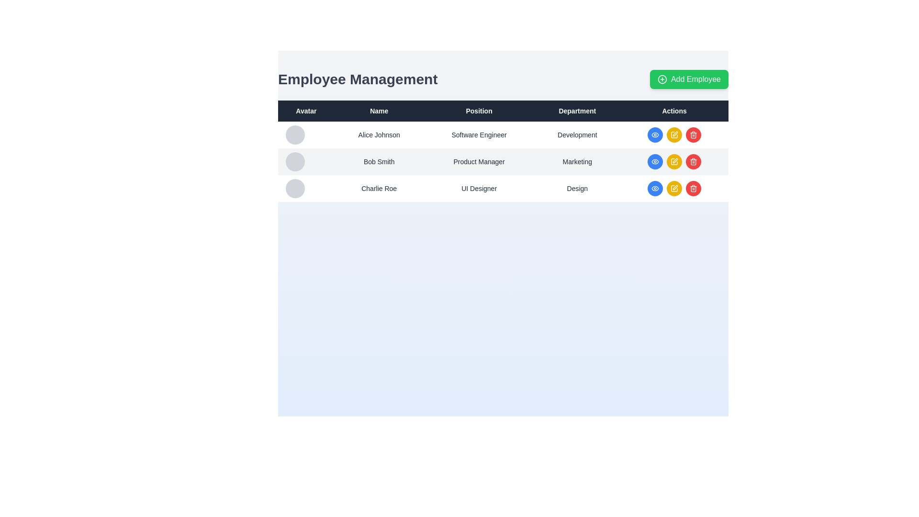  I want to click on the pen icon button with a bright yellow background in the 'Actions' column for the second row labeled 'Bob Smith' to initiate an edit action, so click(674, 188).